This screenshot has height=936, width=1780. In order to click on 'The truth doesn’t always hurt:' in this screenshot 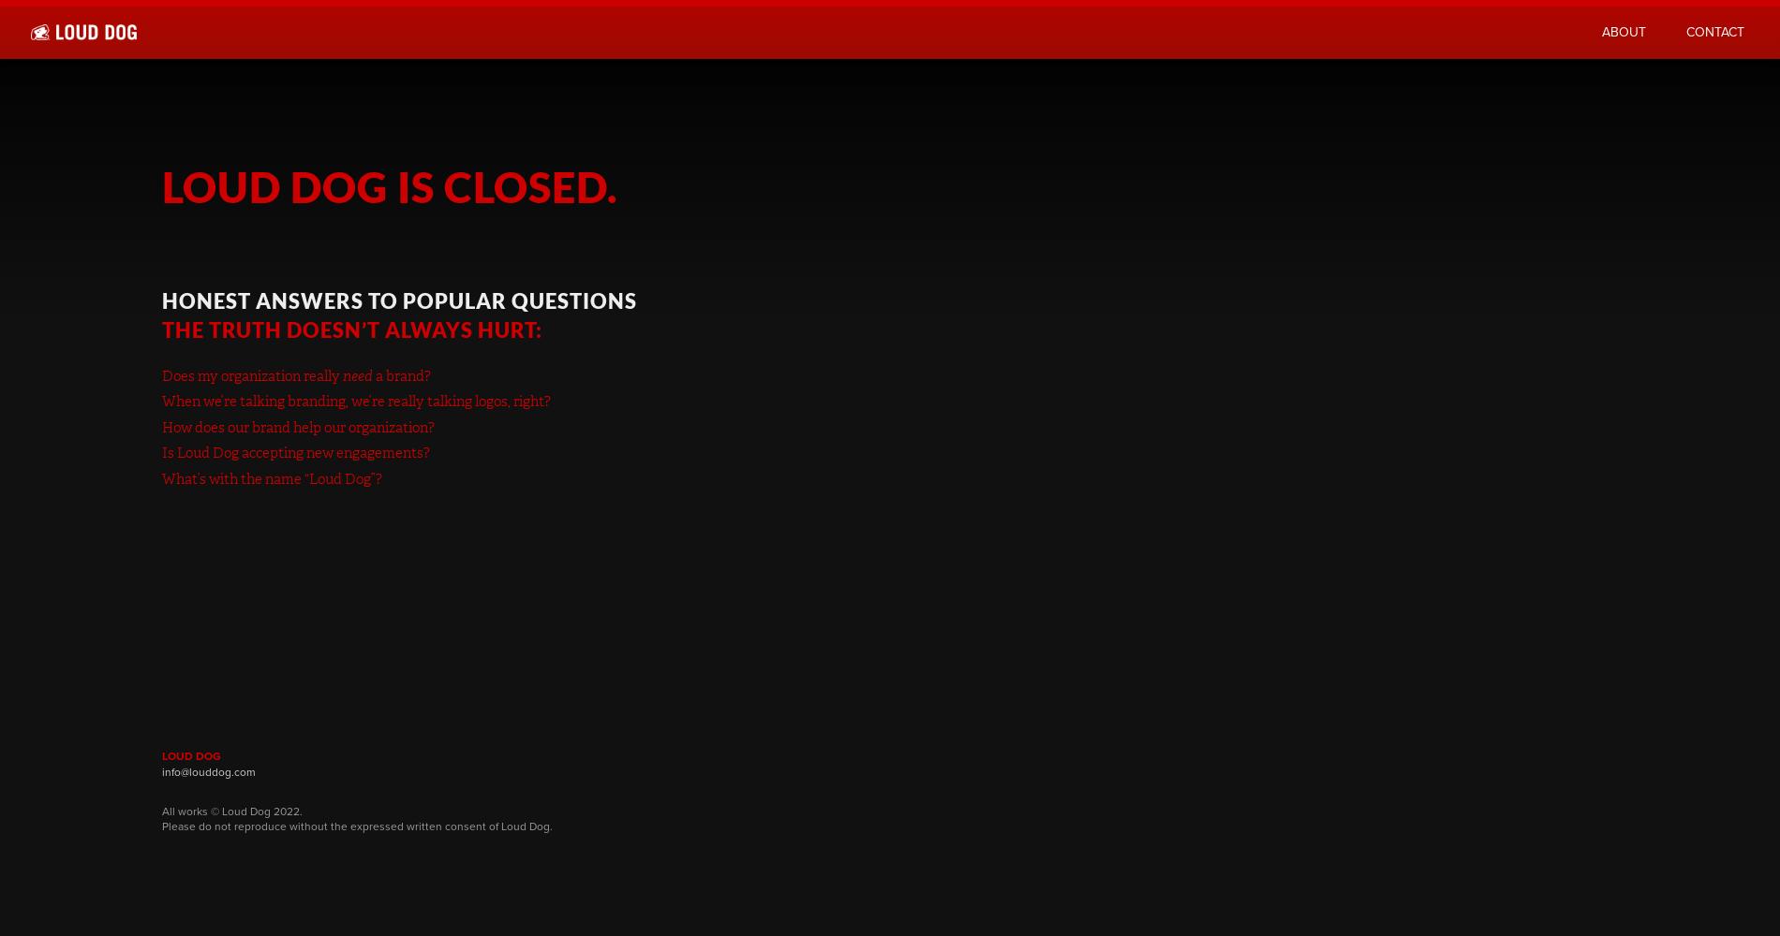, I will do `click(351, 328)`.